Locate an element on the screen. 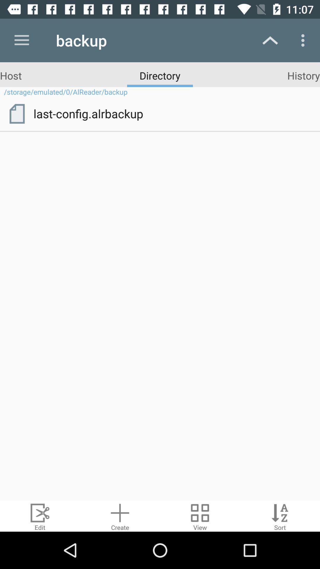 This screenshot has height=569, width=320. item to the left of last-config.alrbackup icon is located at coordinates (17, 114).